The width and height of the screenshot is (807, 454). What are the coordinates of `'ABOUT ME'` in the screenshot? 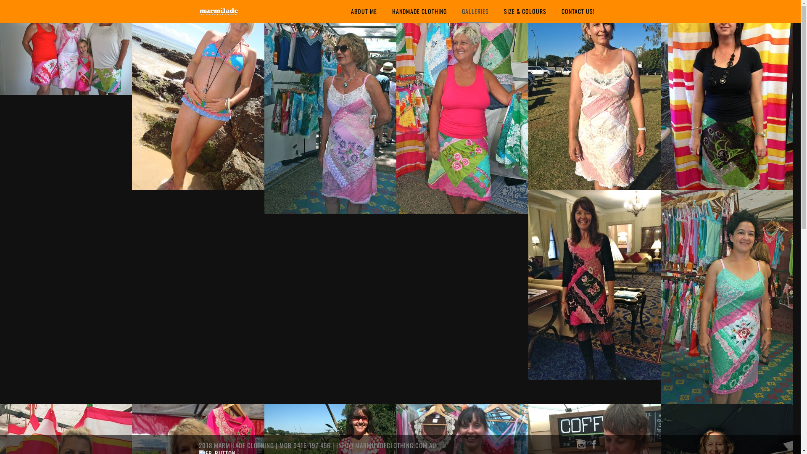 It's located at (349, 11).